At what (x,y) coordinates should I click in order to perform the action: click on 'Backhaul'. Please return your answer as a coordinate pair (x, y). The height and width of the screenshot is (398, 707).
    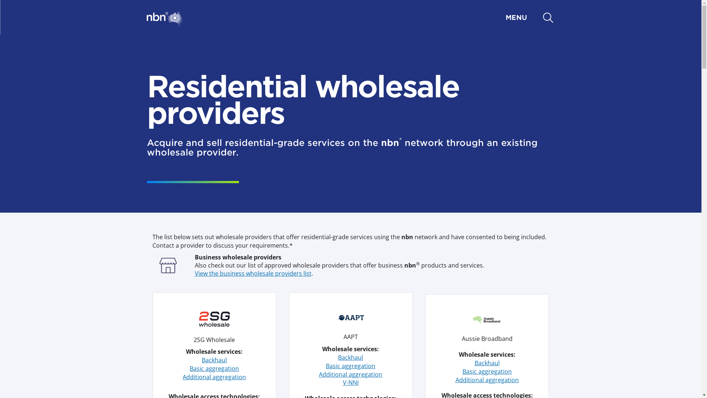
    Looking at the image, I should click on (487, 362).